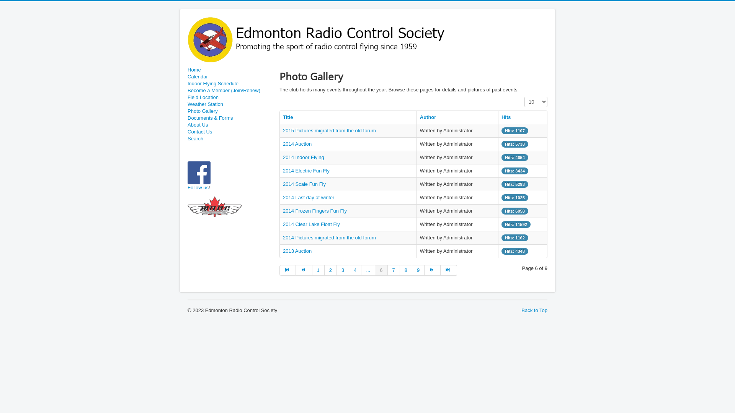  Describe the element at coordinates (287, 117) in the screenshot. I see `'Title'` at that location.